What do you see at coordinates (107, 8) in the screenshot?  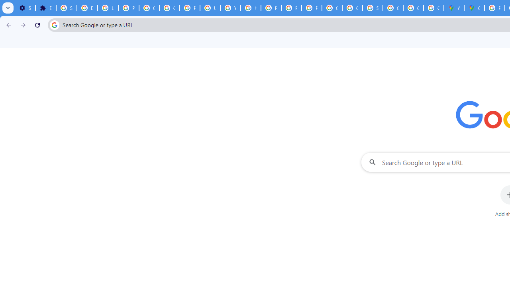 I see `'Learn how to find your photos - Google Photos Help'` at bounding box center [107, 8].